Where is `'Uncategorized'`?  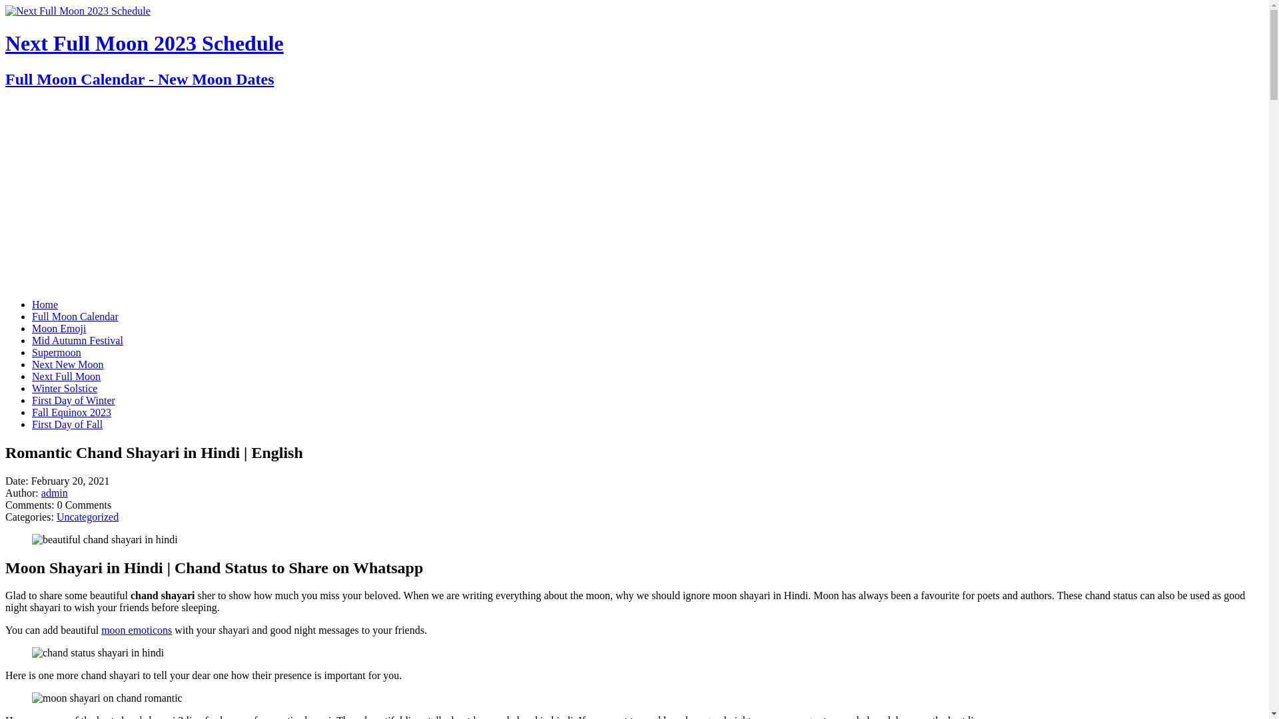
'Uncategorized' is located at coordinates (87, 516).